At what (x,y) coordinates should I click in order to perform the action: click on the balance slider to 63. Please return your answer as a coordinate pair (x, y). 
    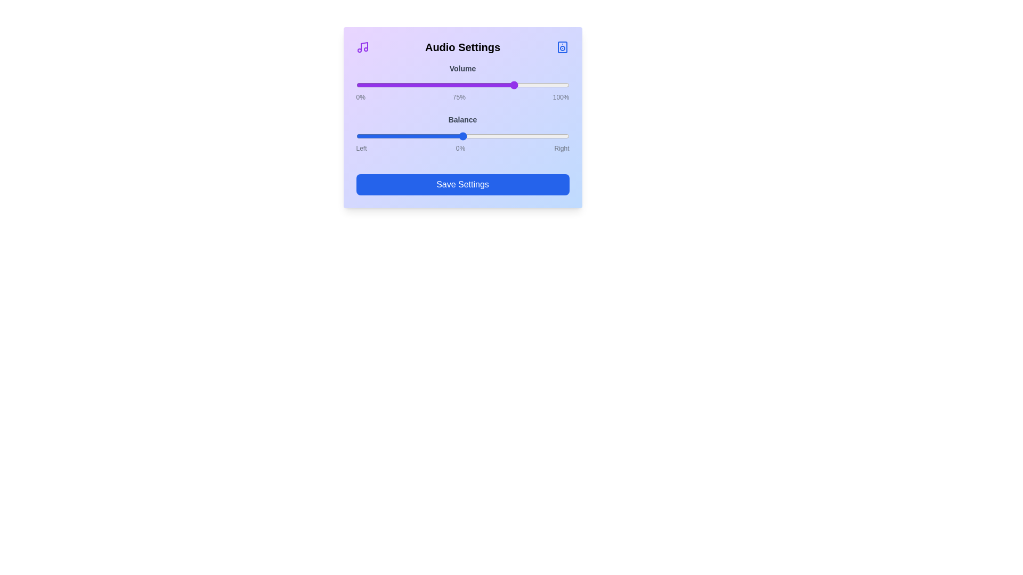
    Looking at the image, I should click on (530, 135).